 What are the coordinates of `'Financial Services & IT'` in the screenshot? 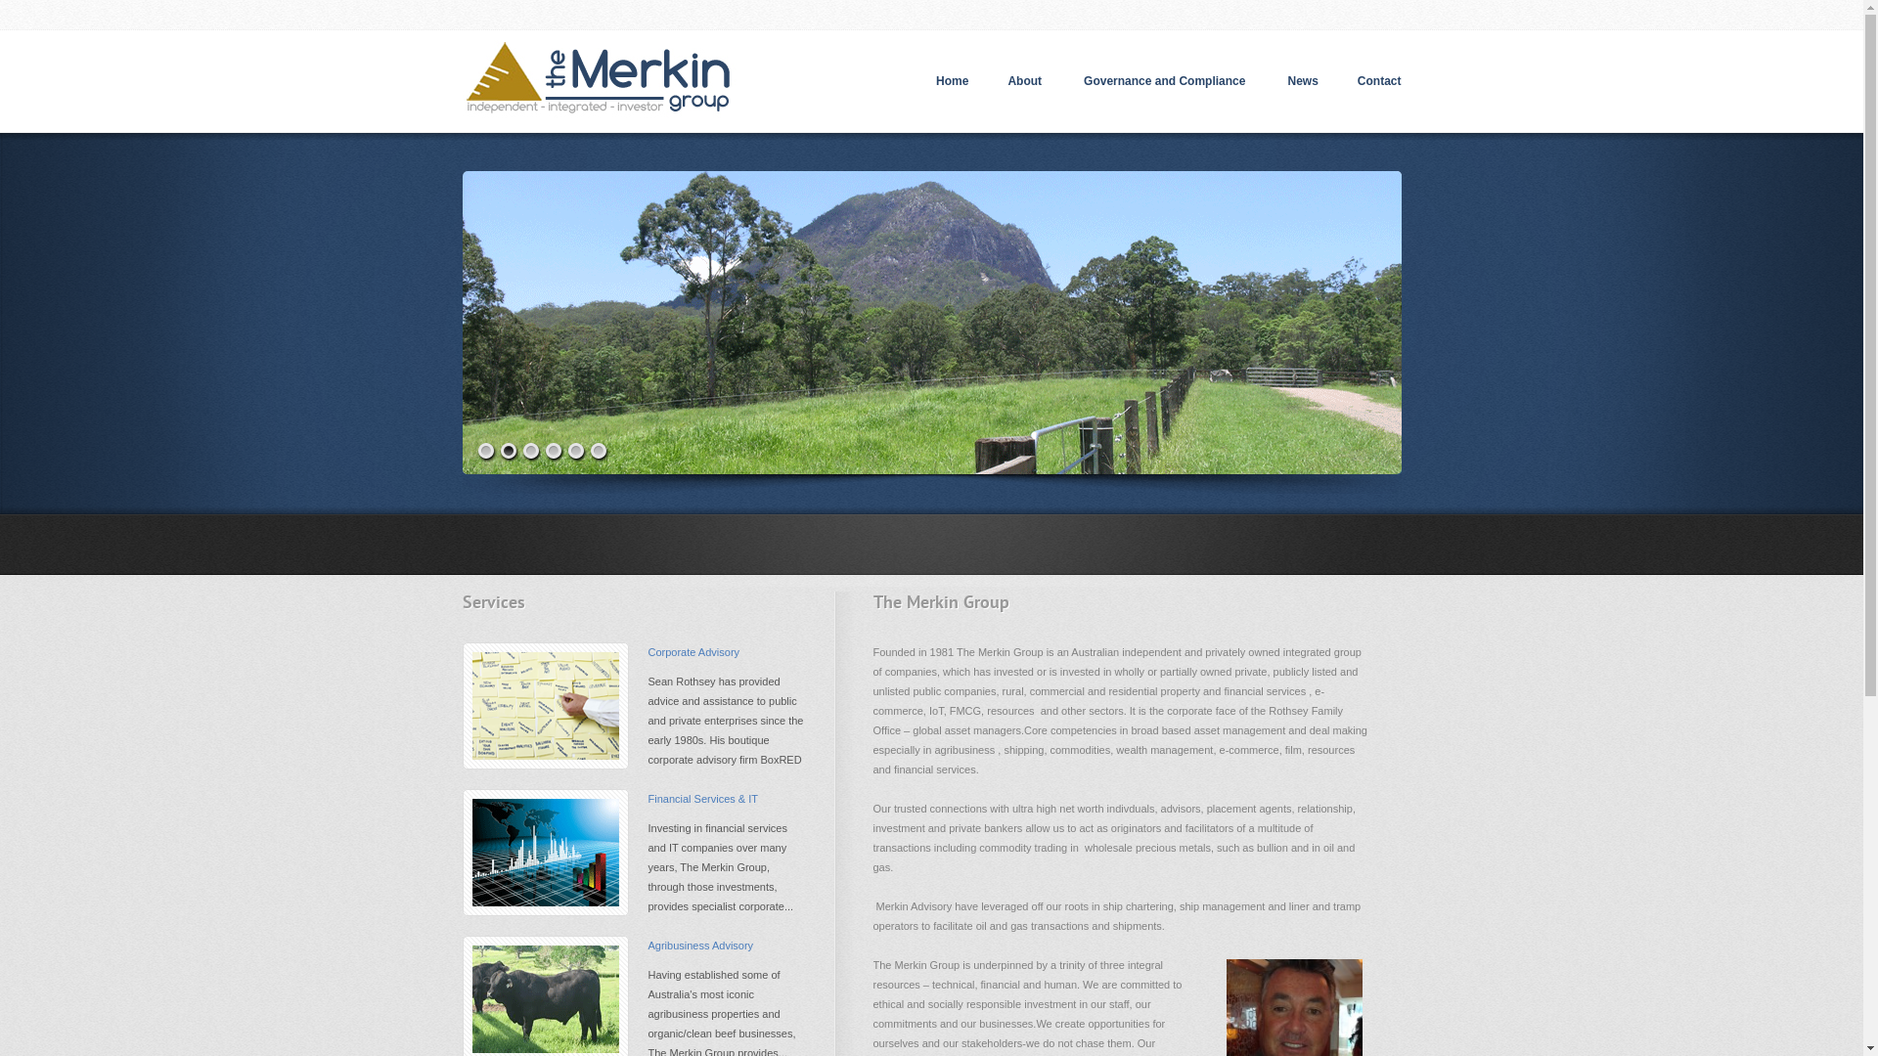 It's located at (702, 799).